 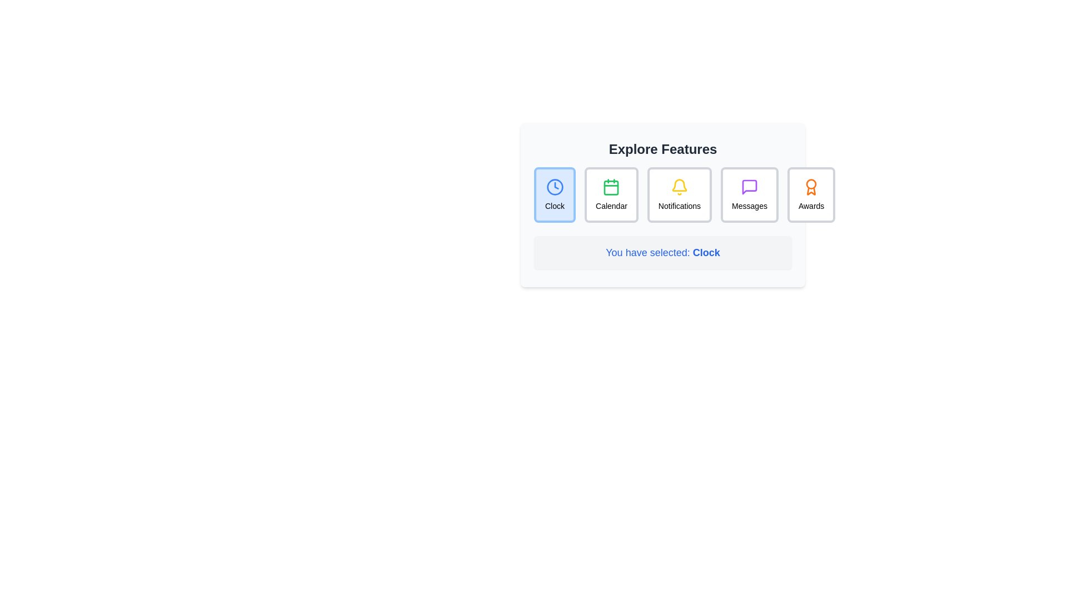 What do you see at coordinates (610, 194) in the screenshot?
I see `the second feature item from the left in the menu, located directly below the 'Explore Features' heading` at bounding box center [610, 194].